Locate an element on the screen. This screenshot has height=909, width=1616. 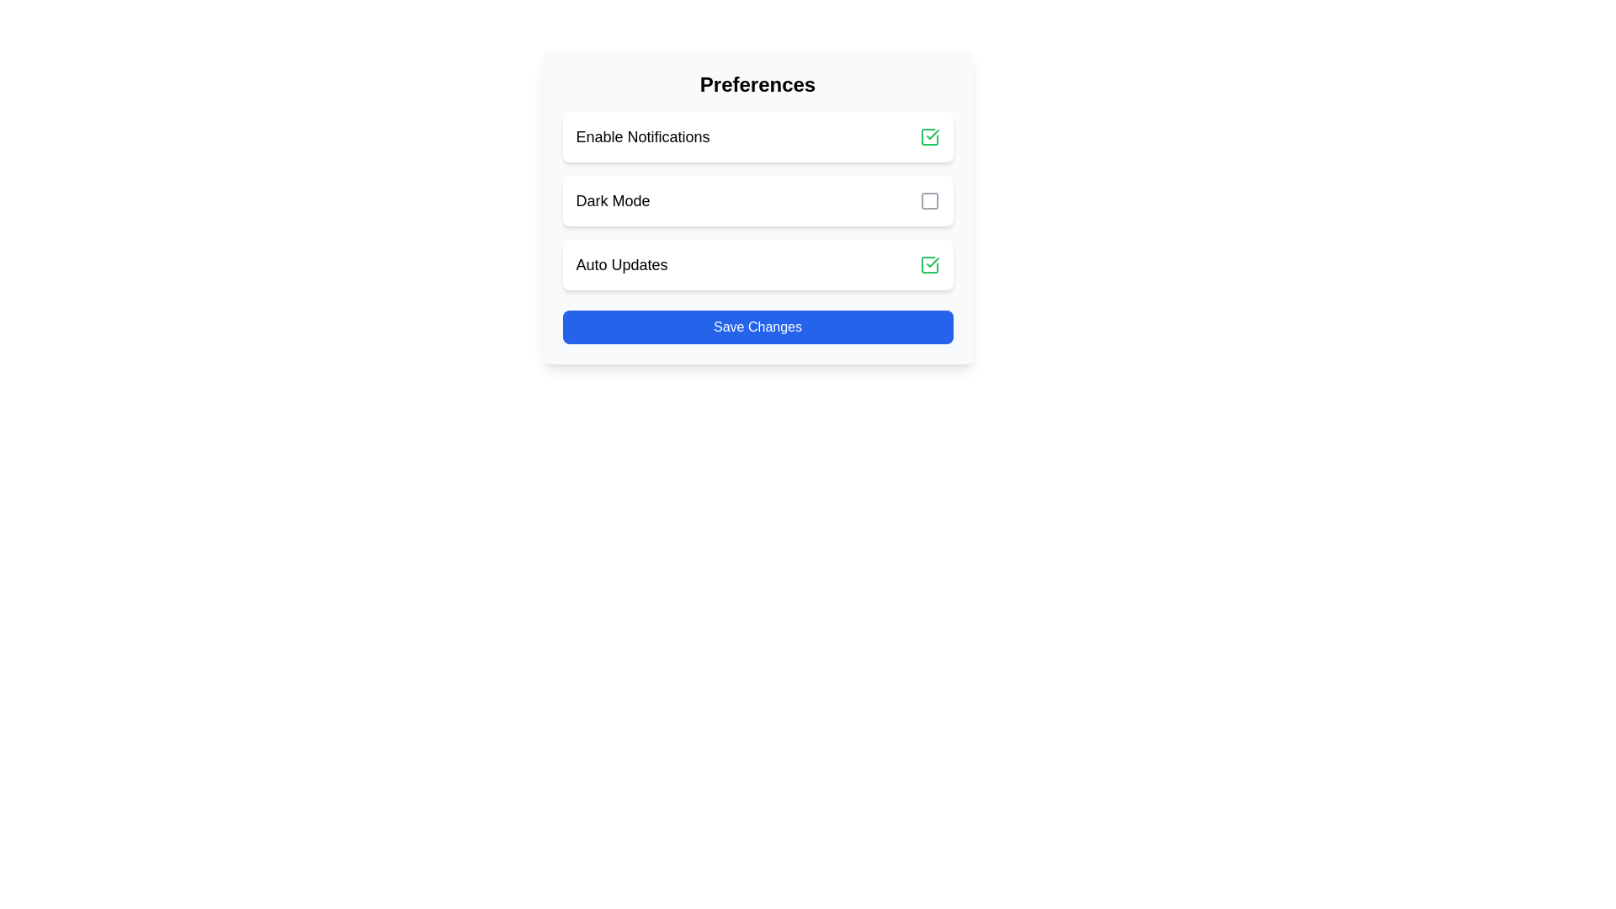
the 'Auto Updates' checkbox with a checkmark icon is located at coordinates (928, 265).